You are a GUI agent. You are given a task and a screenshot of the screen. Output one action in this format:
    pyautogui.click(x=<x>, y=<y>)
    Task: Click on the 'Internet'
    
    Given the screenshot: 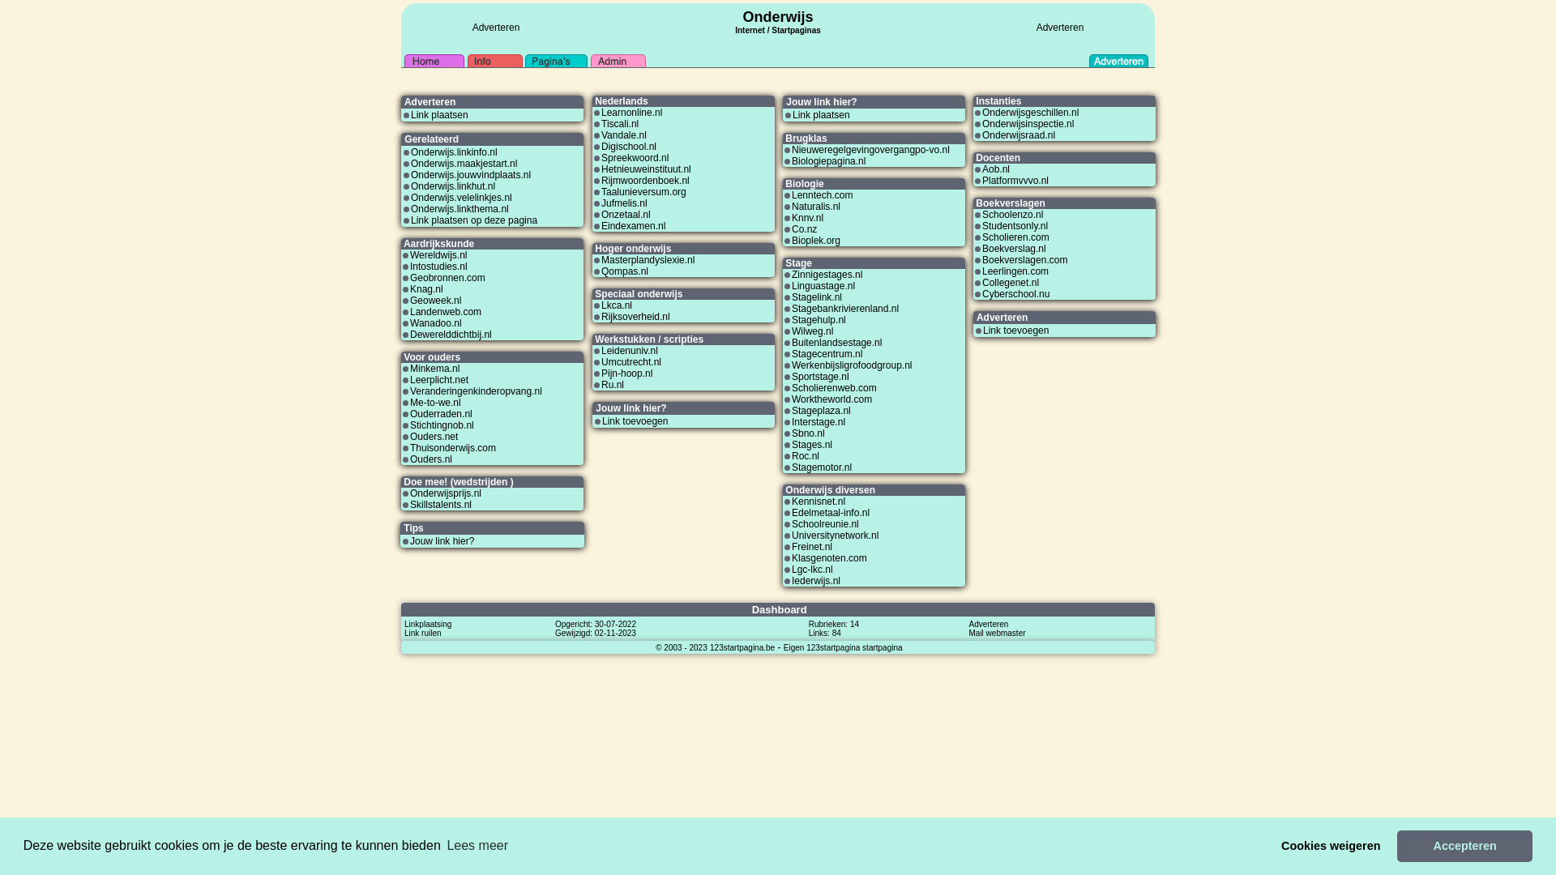 What is the action you would take?
    pyautogui.click(x=749, y=28)
    